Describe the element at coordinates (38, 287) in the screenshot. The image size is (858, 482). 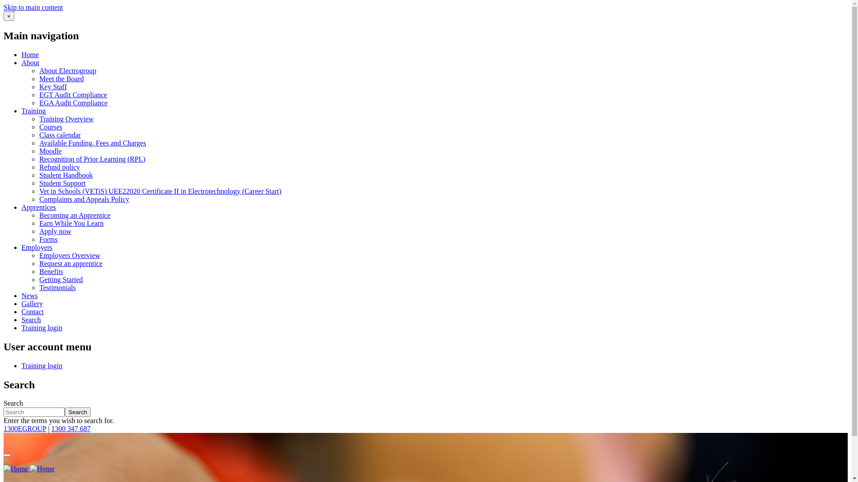
I see `'Testimonials'` at that location.